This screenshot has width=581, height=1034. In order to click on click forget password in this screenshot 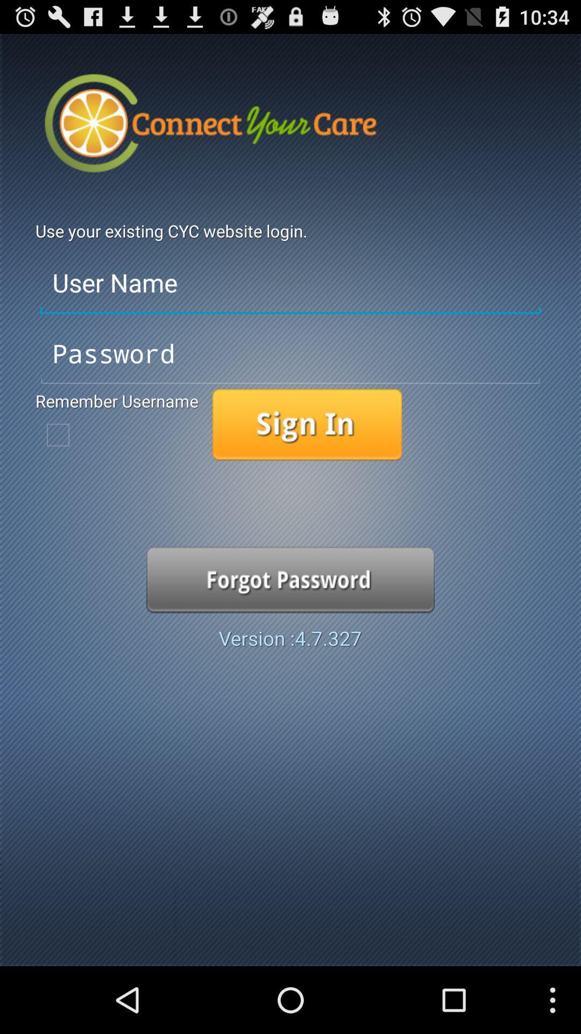, I will do `click(290, 579)`.